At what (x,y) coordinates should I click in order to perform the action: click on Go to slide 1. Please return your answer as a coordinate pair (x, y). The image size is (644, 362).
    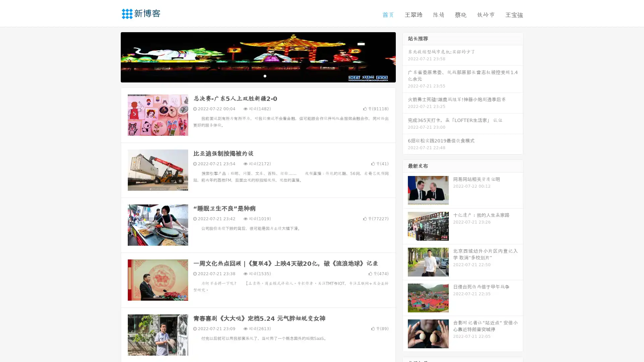
    Looking at the image, I should click on (251, 75).